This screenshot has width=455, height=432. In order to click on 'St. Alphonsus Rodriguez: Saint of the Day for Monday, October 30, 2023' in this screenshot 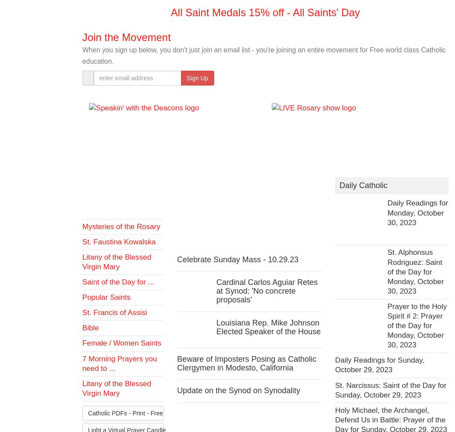, I will do `click(415, 271)`.